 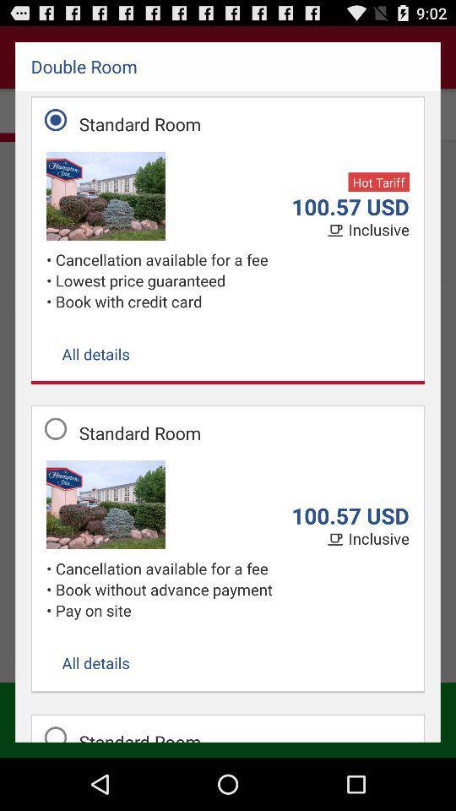 I want to click on pay on site icon, so click(x=231, y=609).